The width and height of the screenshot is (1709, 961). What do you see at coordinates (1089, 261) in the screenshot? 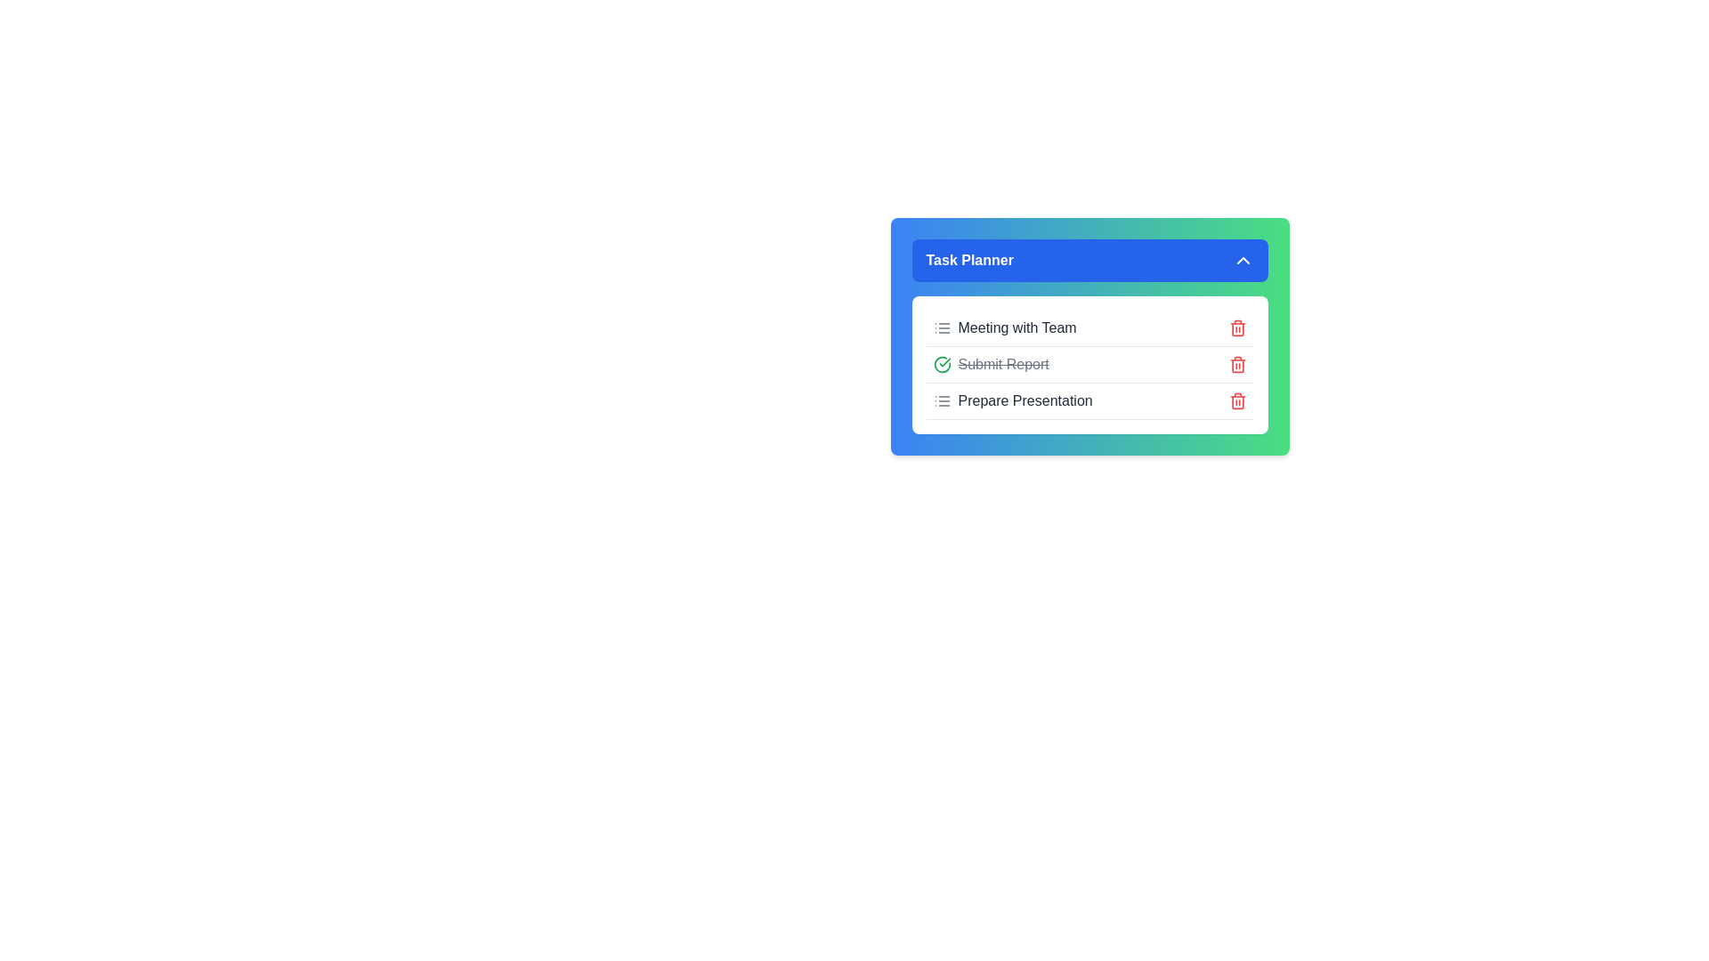
I see `the 'Task Planner' button to toggle the visibility of the task menu` at bounding box center [1089, 261].